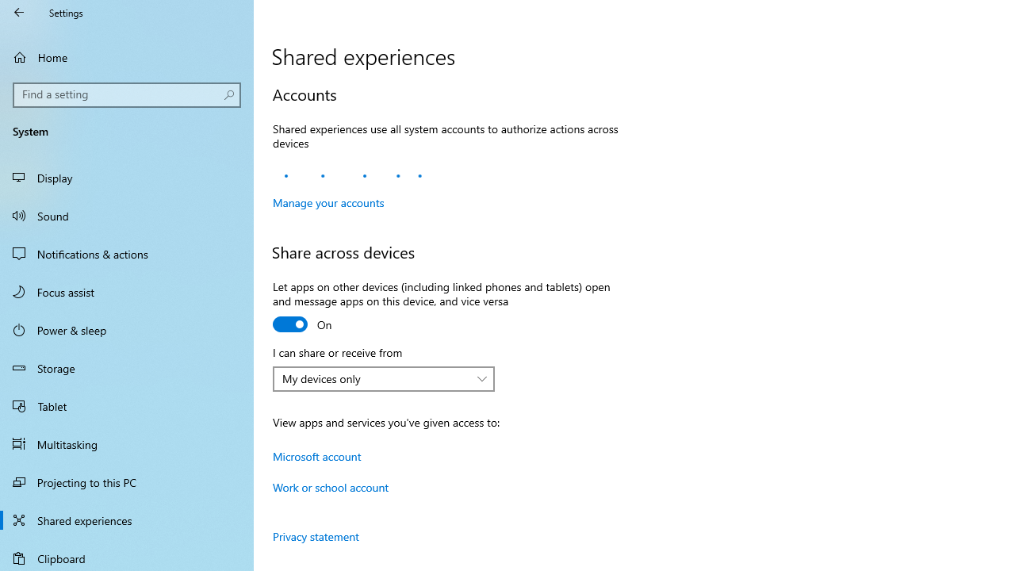 The image size is (1015, 571). I want to click on 'Storage', so click(127, 368).